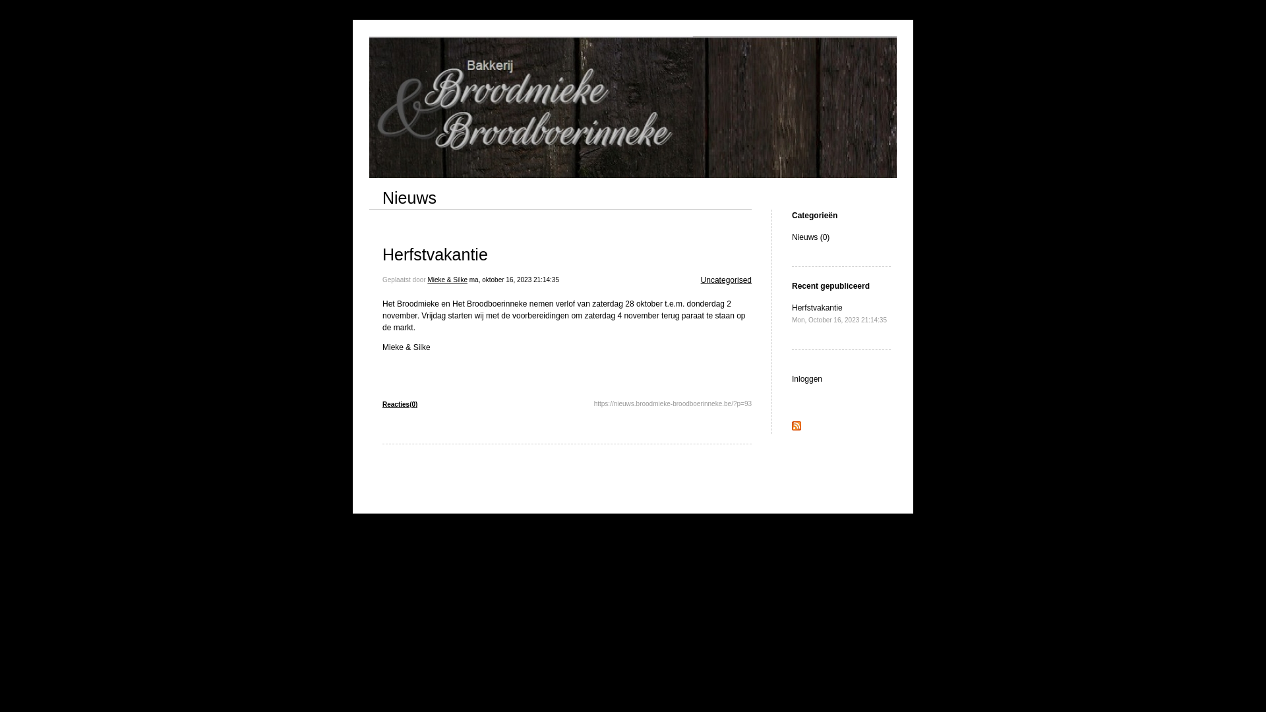 The height and width of the screenshot is (712, 1266). Describe the element at coordinates (408, 198) in the screenshot. I see `'Nieuws'` at that location.